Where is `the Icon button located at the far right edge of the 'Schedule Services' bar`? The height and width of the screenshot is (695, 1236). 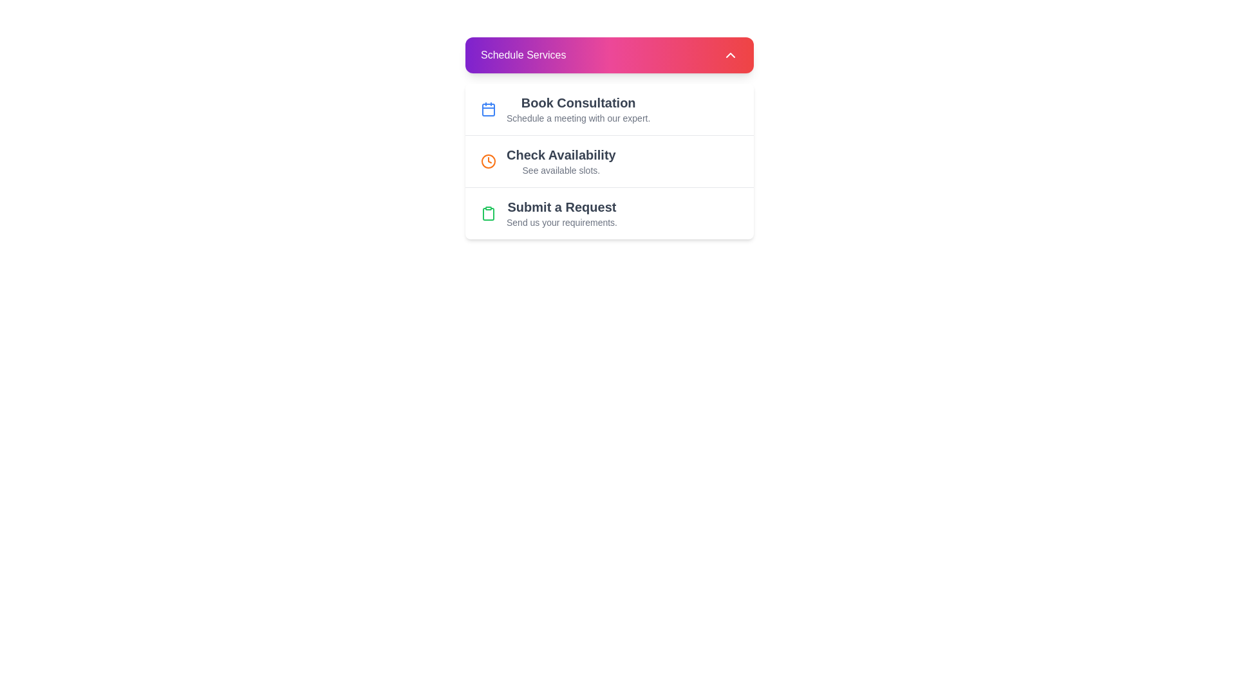
the Icon button located at the far right edge of the 'Schedule Services' bar is located at coordinates (730, 54).